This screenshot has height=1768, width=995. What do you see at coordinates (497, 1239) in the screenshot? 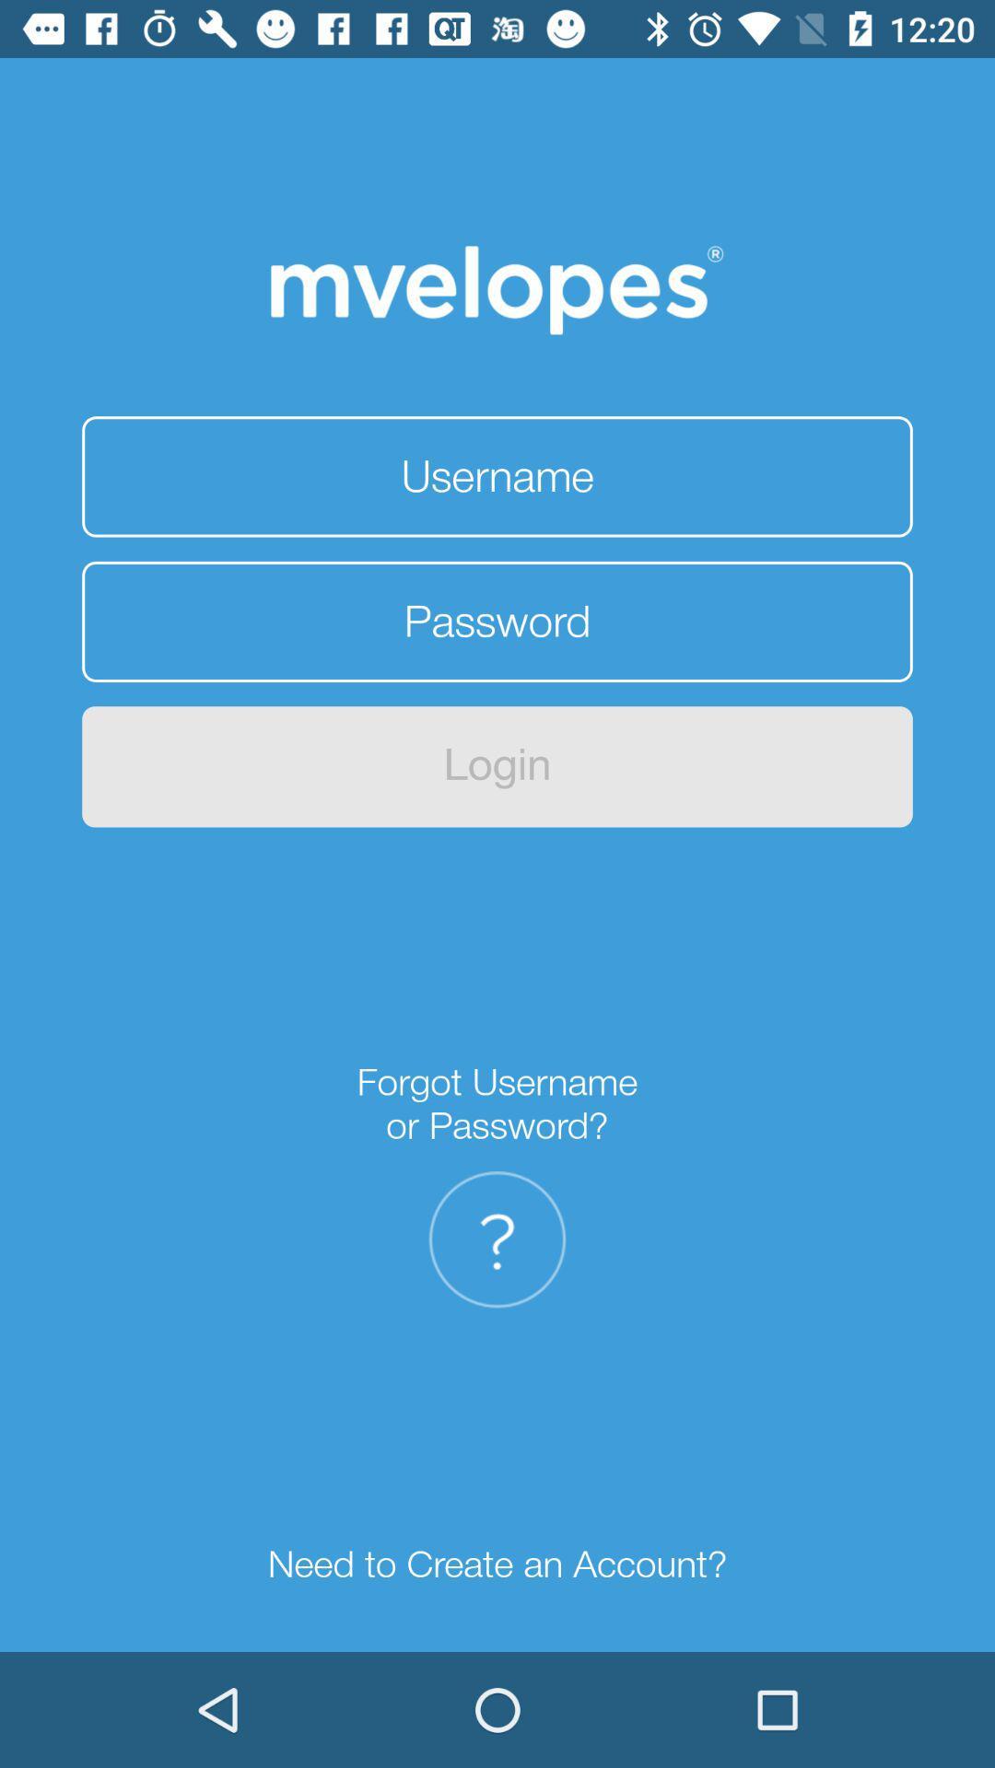
I see `help` at bounding box center [497, 1239].